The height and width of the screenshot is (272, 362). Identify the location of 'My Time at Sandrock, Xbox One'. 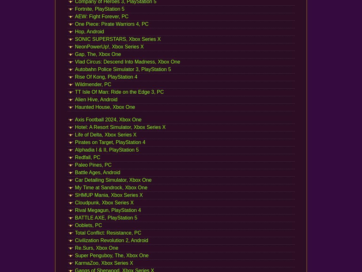
(111, 187).